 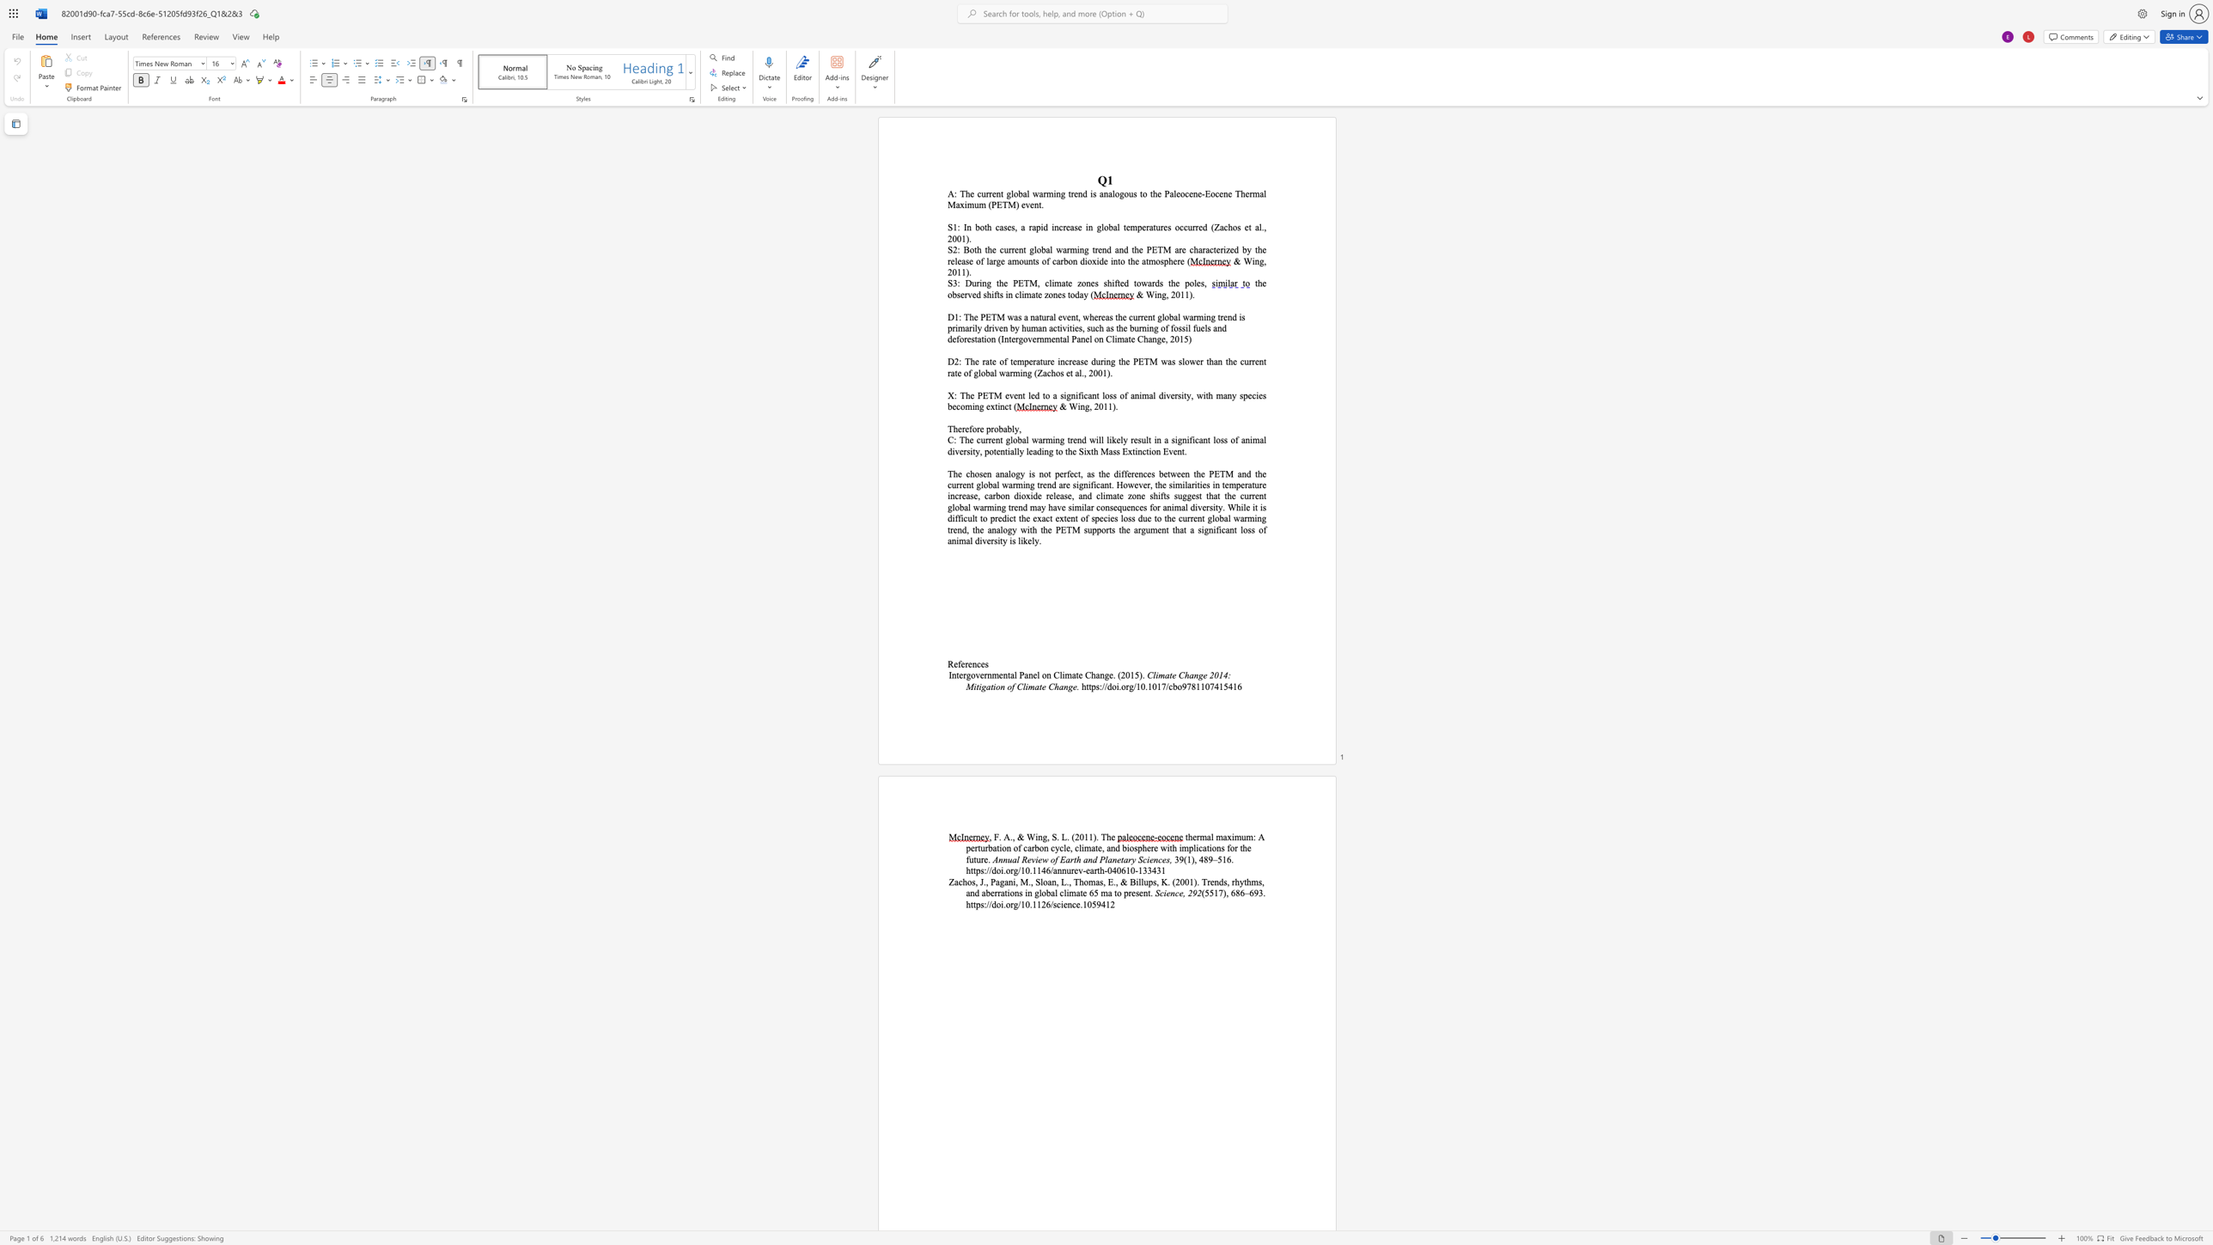 I want to click on the subset text "achos" within the text "S1: In both cases, a rapid increase in global temperatures occurred (Zachos et al., 2001).", so click(x=1219, y=227).